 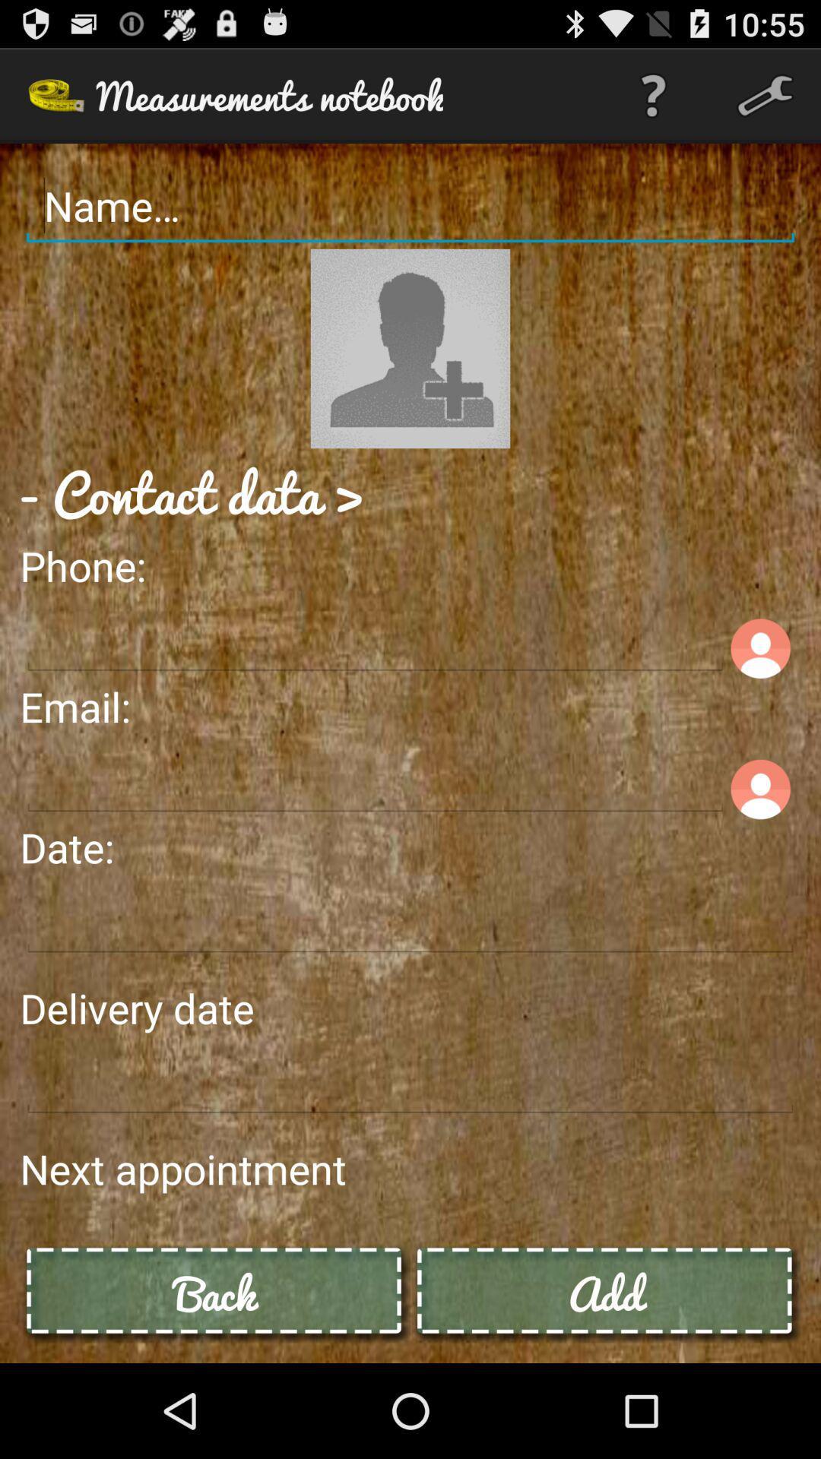 I want to click on the avatar icon, so click(x=760, y=693).